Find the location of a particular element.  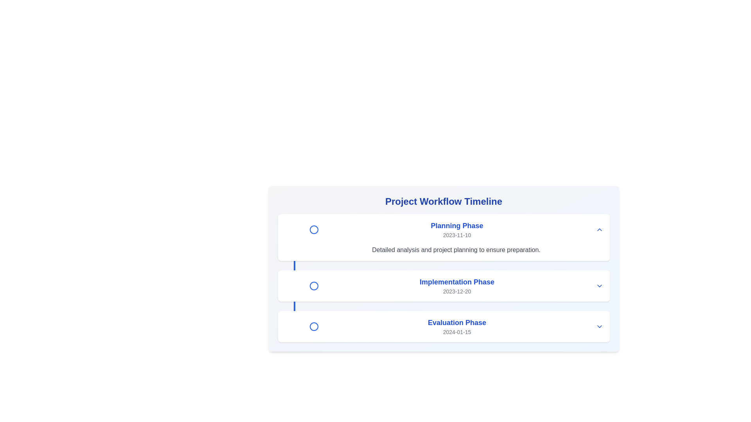

the static text that provides descriptive information about the 'Planning Phase' section, located beneath the title and date is located at coordinates (456, 250).